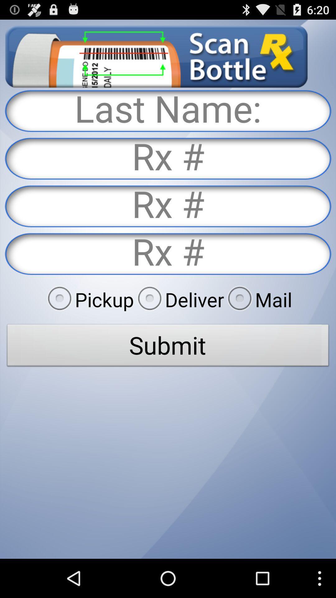 This screenshot has width=336, height=598. Describe the element at coordinates (258, 299) in the screenshot. I see `the item above submit button` at that location.